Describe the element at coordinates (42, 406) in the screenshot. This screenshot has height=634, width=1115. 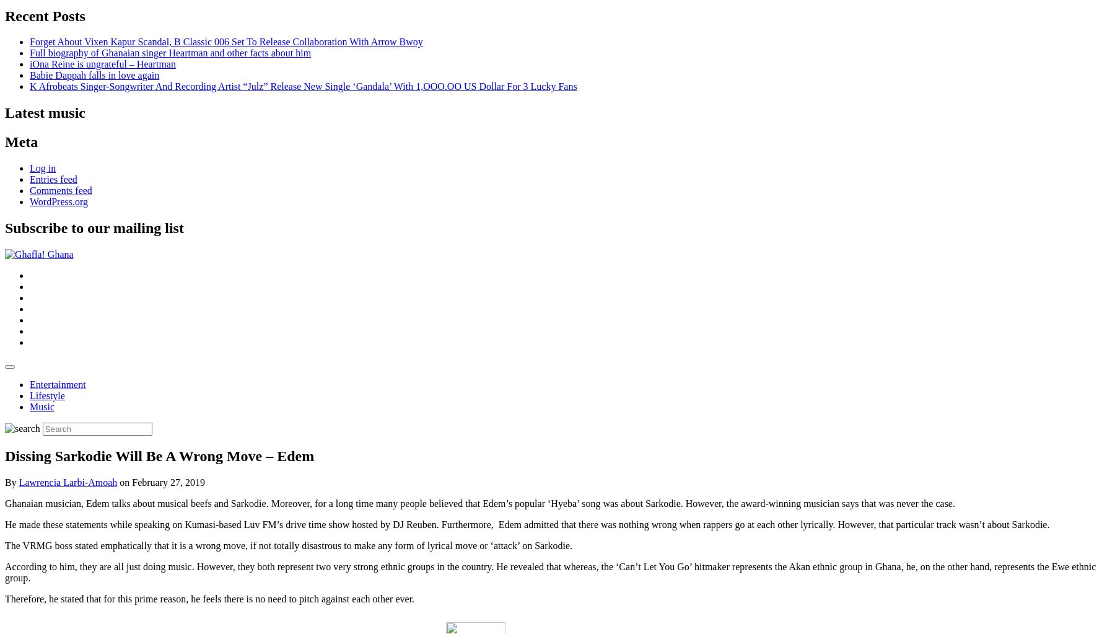
I see `'Music'` at that location.